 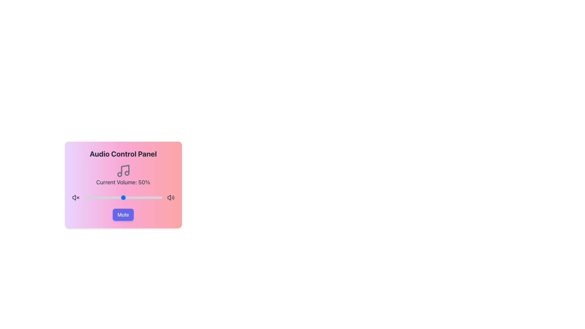 I want to click on the volume, so click(x=134, y=197).